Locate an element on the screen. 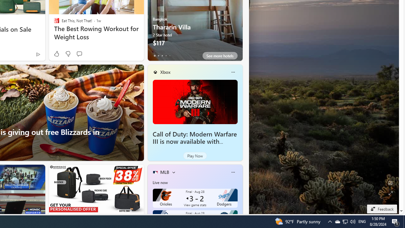  'See more hotels' is located at coordinates (220, 55).